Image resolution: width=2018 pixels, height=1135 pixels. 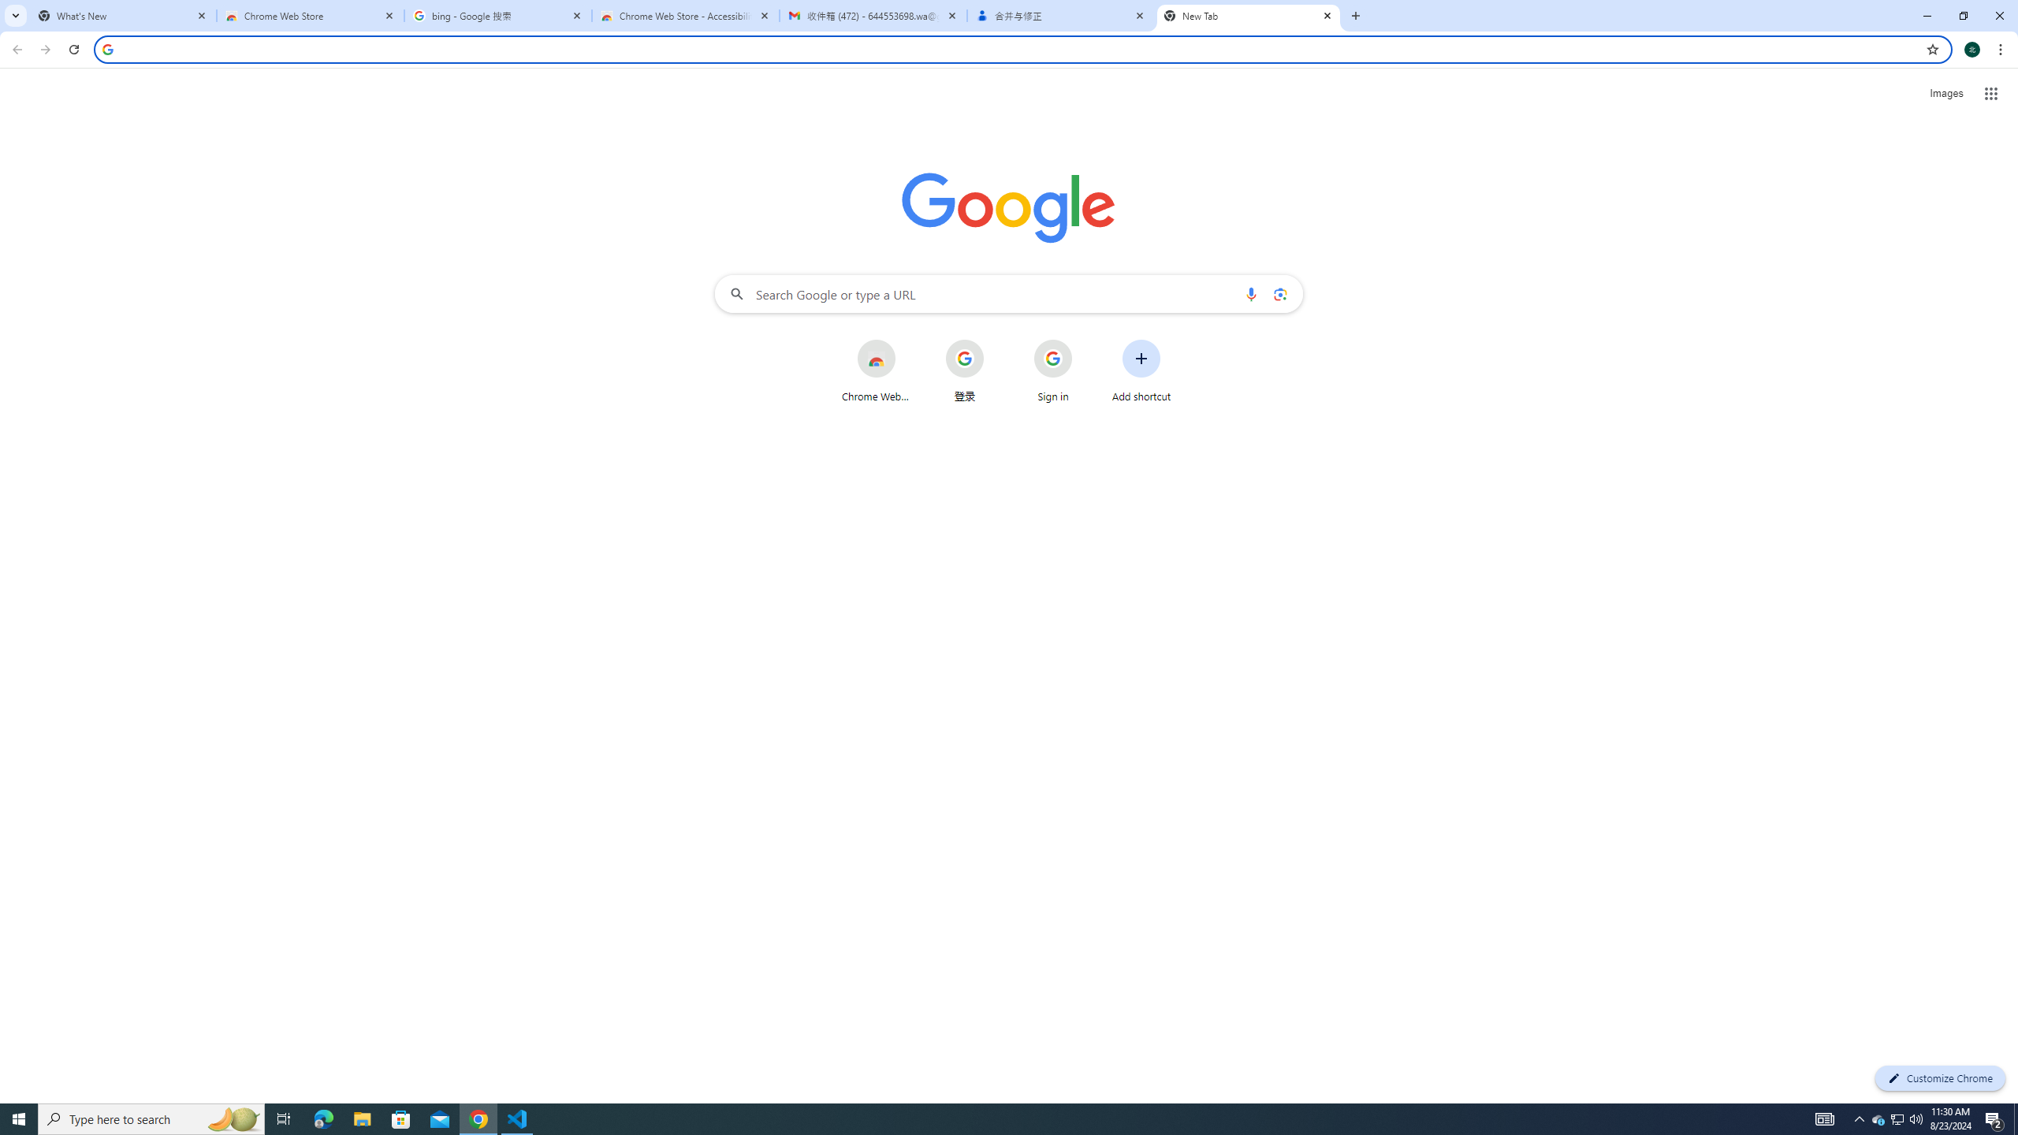 I want to click on 'What', so click(x=122, y=15).